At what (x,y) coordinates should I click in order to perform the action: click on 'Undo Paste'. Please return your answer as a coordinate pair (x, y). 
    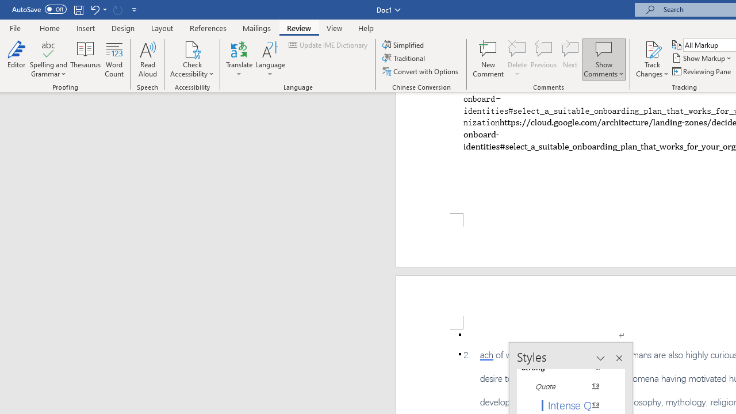
    Looking at the image, I should click on (94, 9).